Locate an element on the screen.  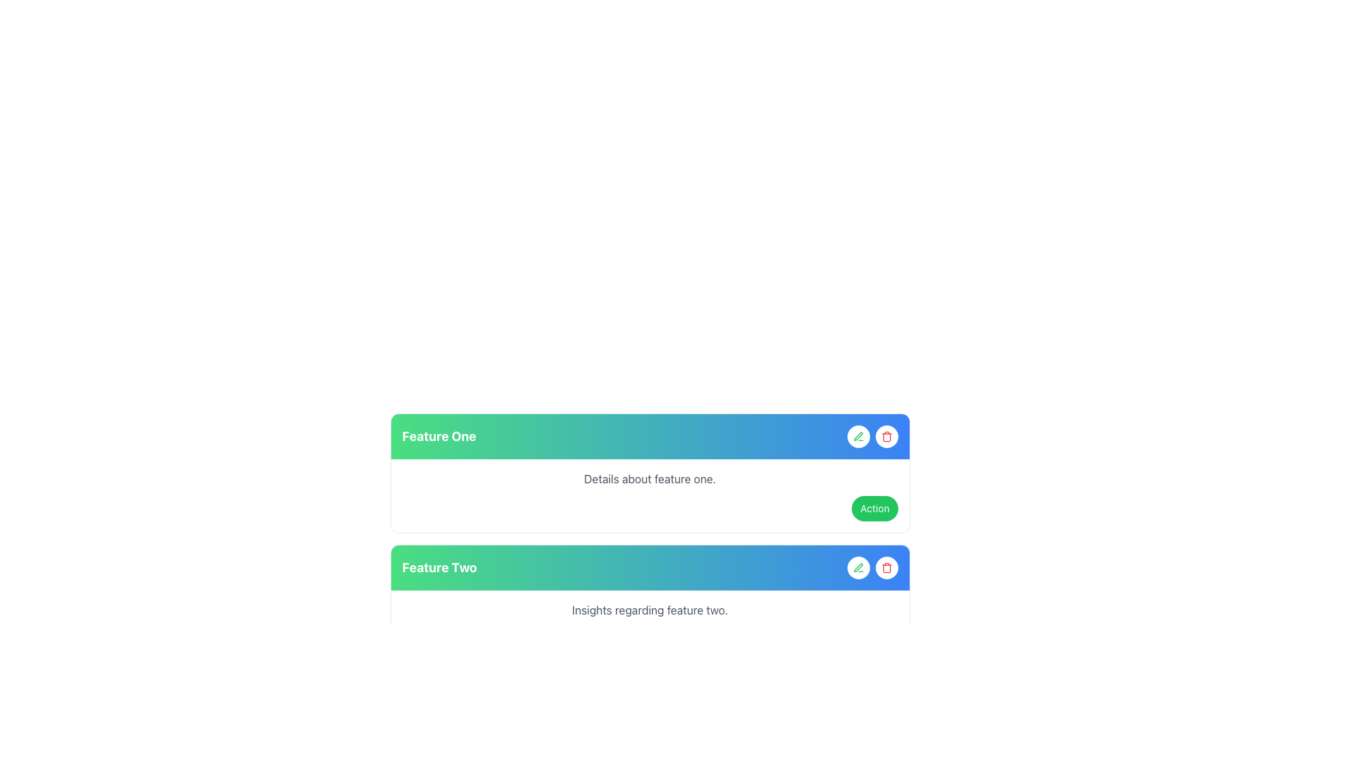
the circular button with a red trash bin icon, which is the second button in a horizontal group of two, located on the right end of a bar is located at coordinates (886, 435).